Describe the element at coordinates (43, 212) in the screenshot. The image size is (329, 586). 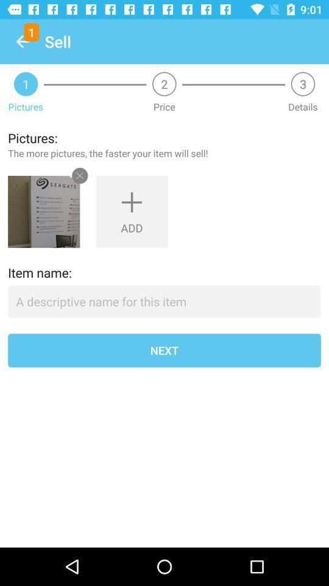
I see `the item above item name: icon` at that location.